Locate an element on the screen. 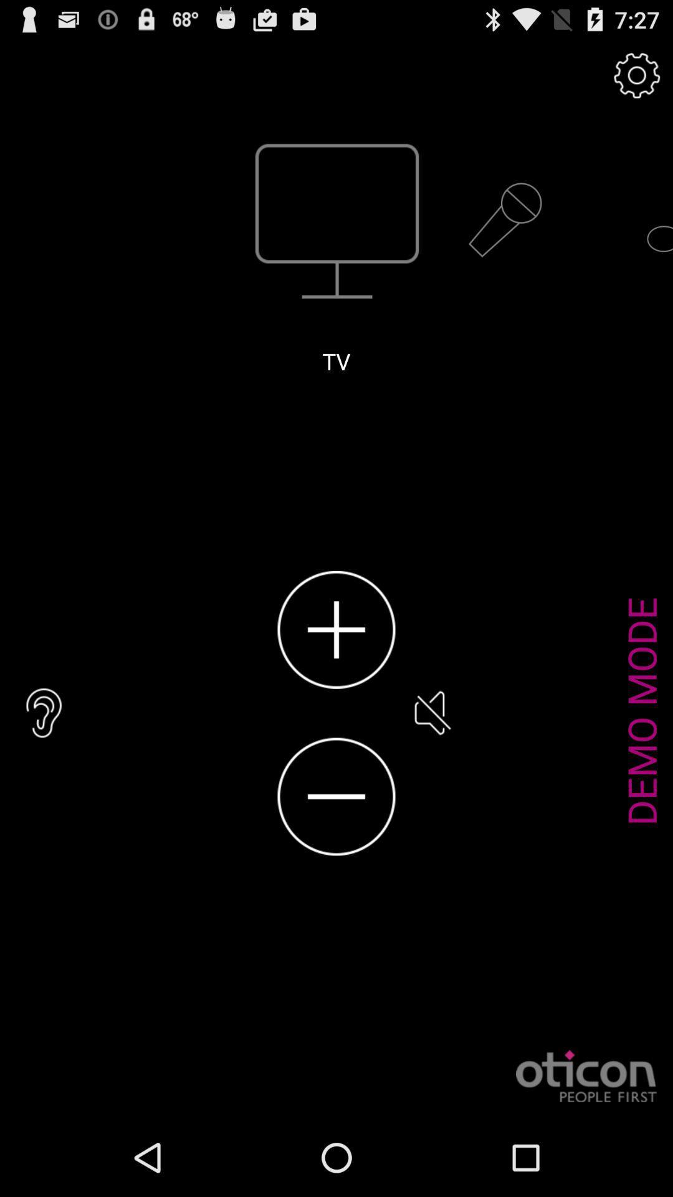 Image resolution: width=673 pixels, height=1197 pixels. the mute button is located at coordinates (431, 713).